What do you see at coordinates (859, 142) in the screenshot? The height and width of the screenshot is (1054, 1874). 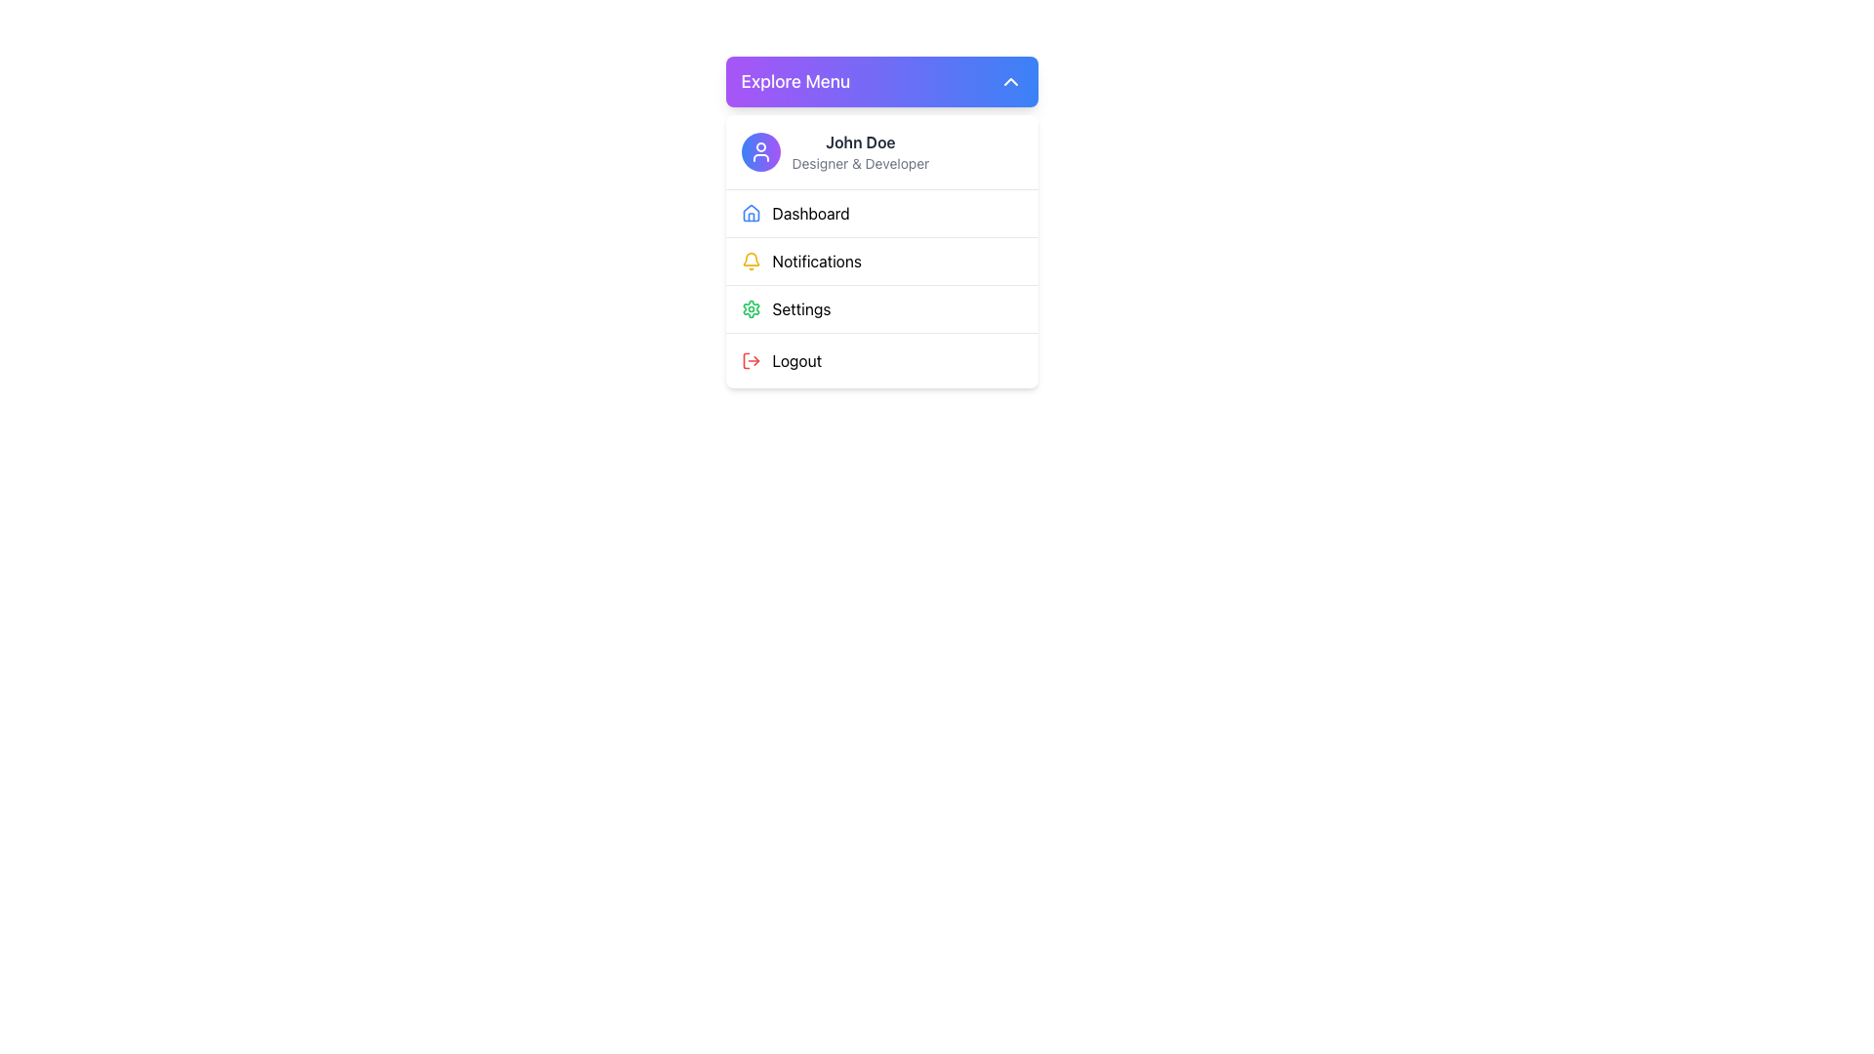 I see `the text element reading 'John Doe' which is styled in bold and dark gray, located within the 'Explore Menu' dropdown panel above 'Designer & Developer'` at bounding box center [859, 142].